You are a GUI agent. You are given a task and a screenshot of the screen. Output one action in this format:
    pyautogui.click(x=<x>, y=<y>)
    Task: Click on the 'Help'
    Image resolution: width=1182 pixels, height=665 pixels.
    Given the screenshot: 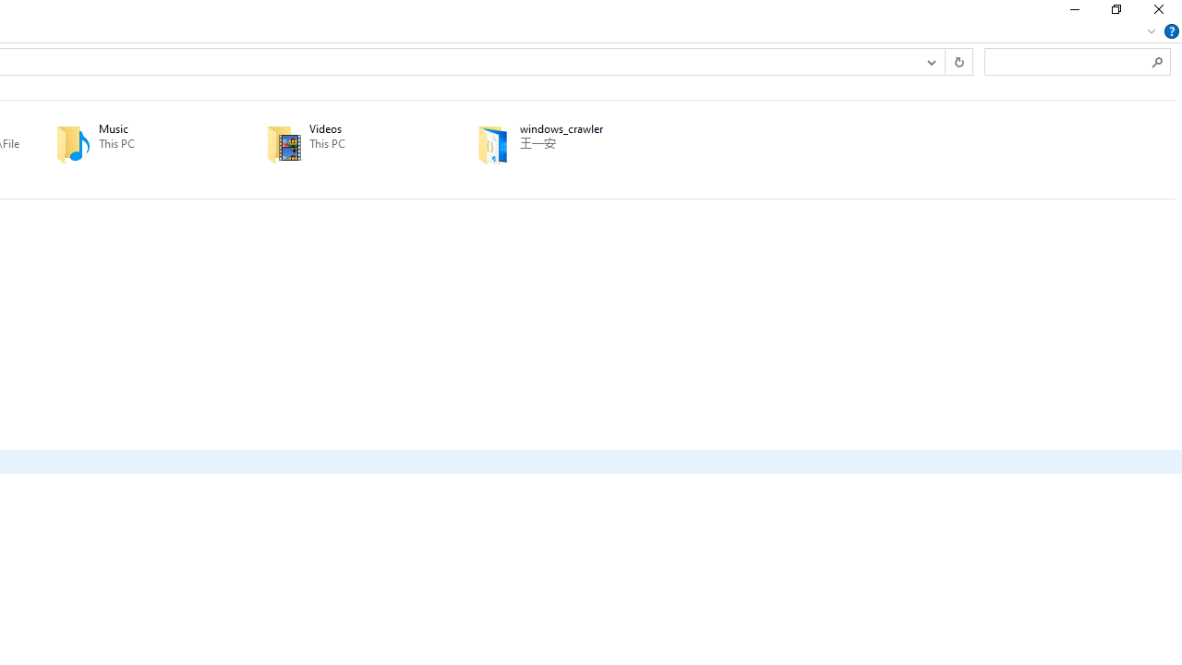 What is the action you would take?
    pyautogui.click(x=1171, y=30)
    